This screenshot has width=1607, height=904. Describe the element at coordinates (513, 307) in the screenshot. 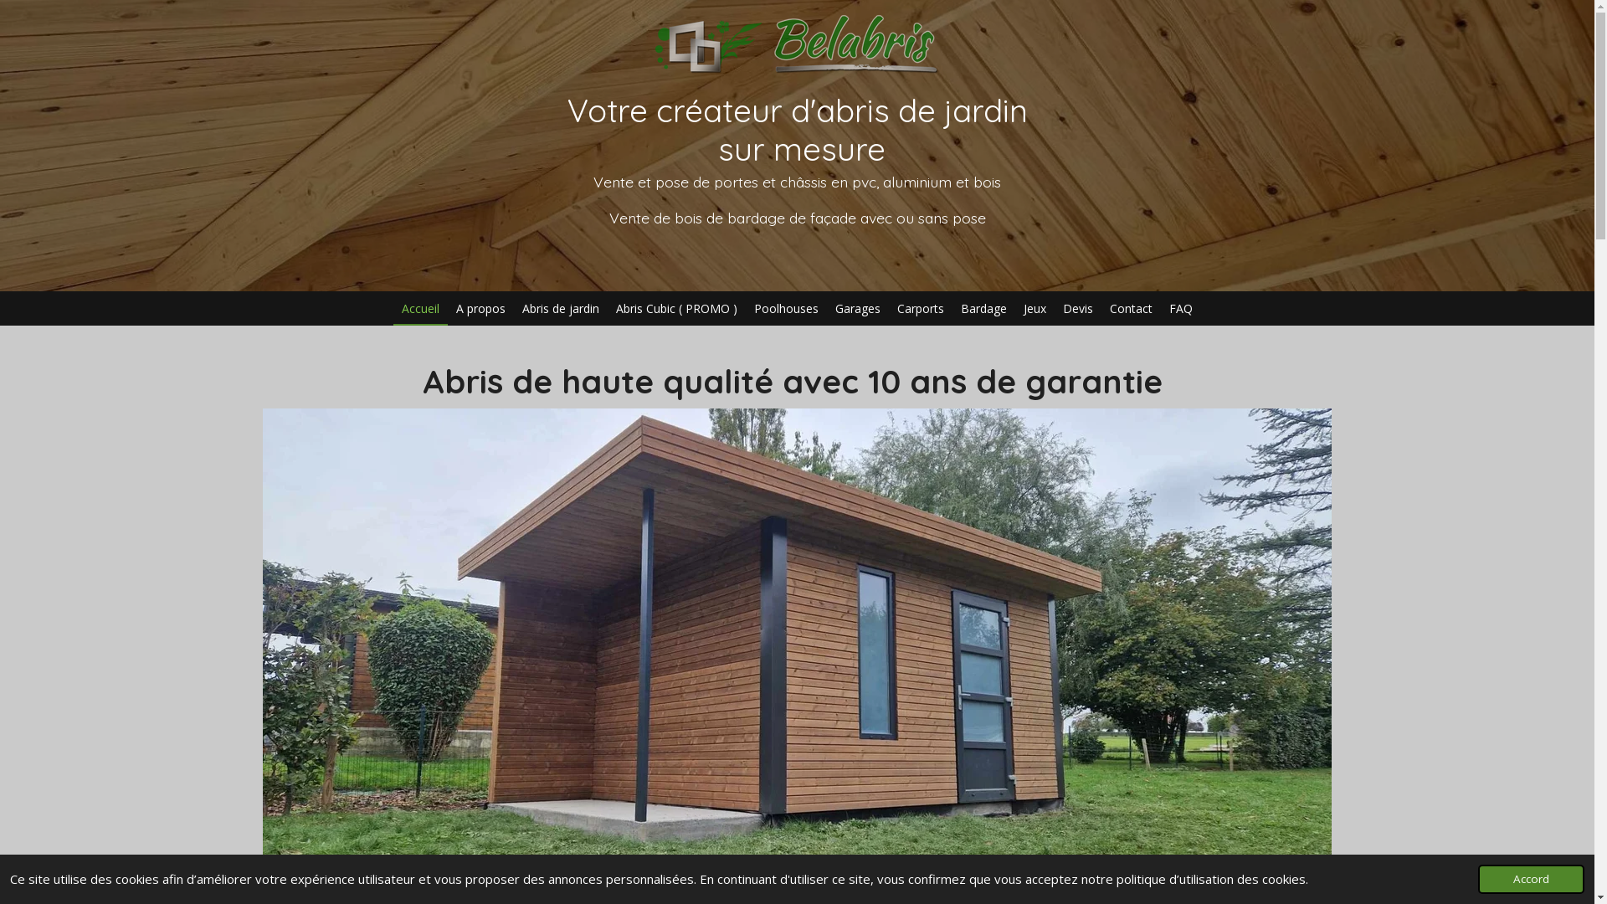

I see `'Abris de jardin'` at that location.